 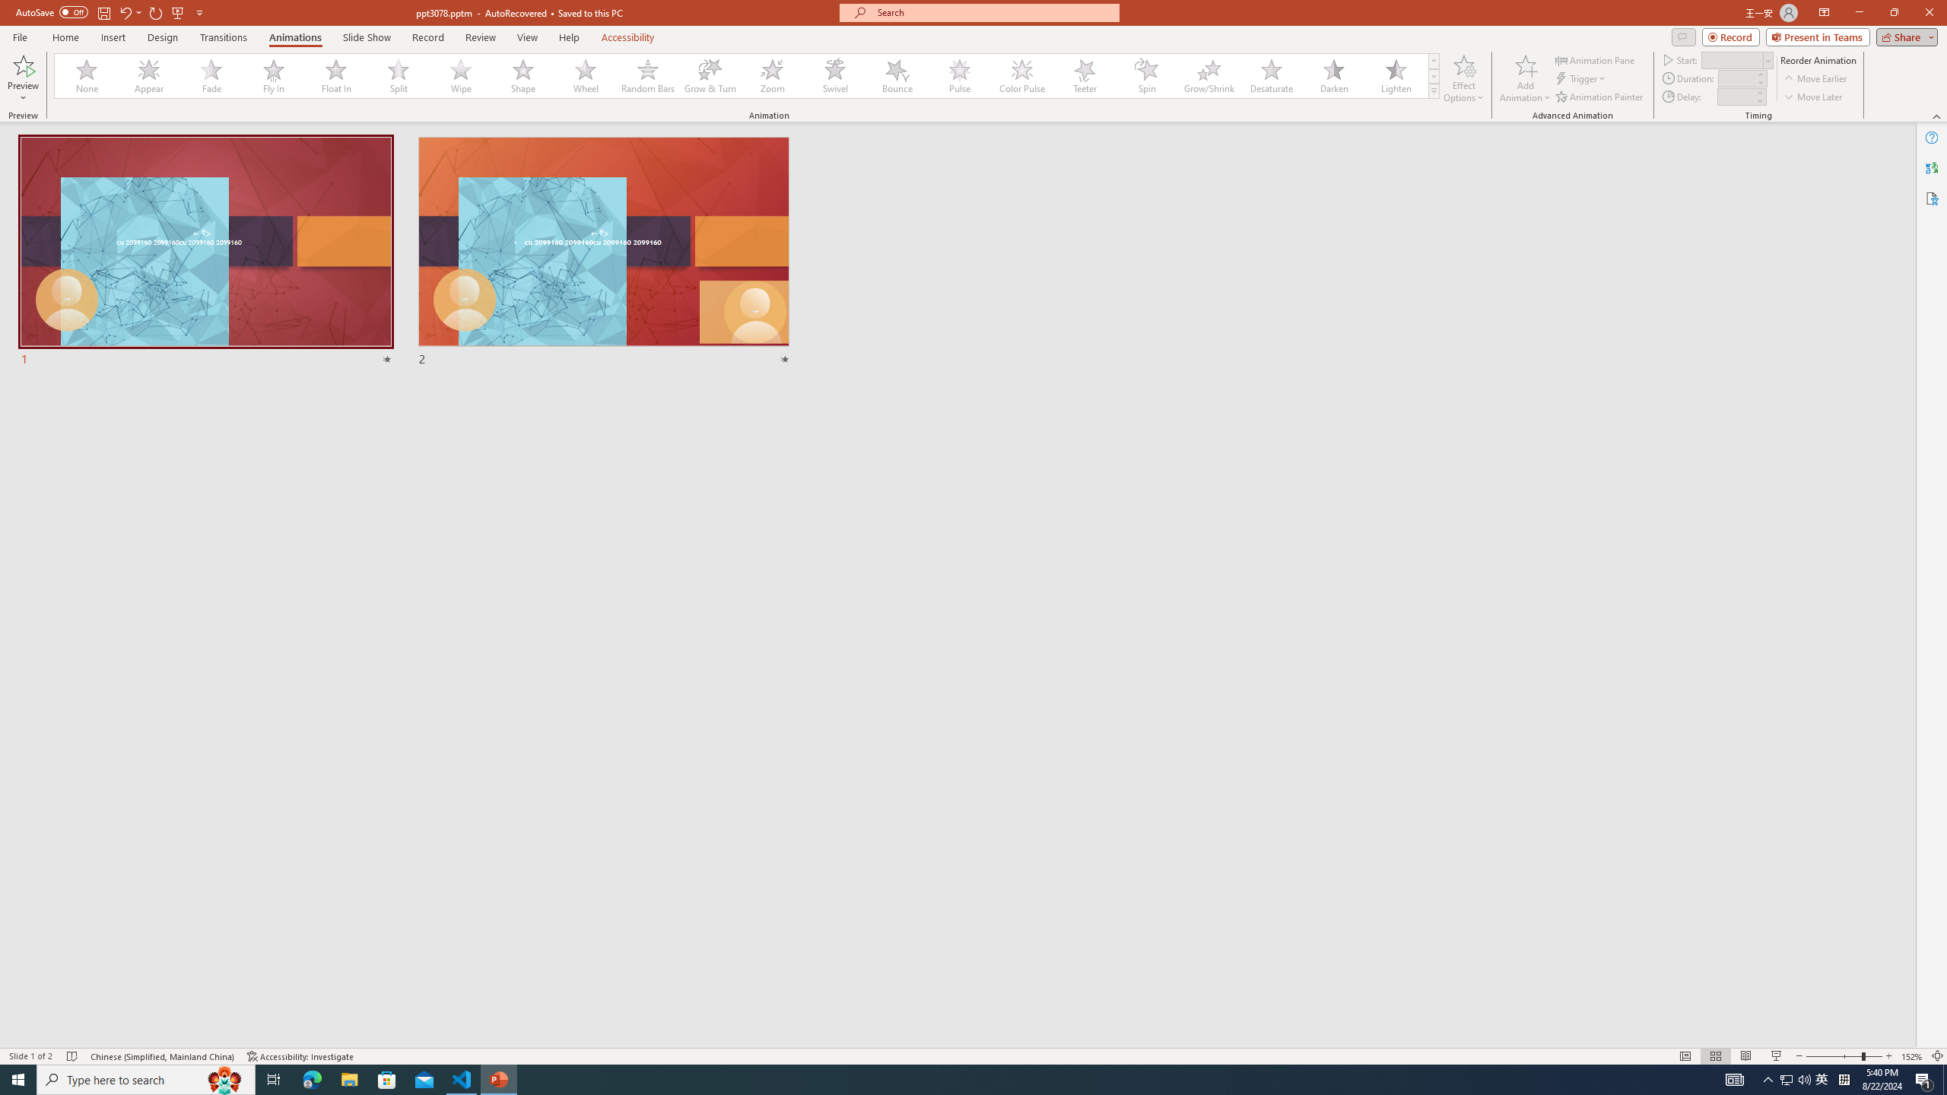 I want to click on 'Float In', so click(x=335, y=75).